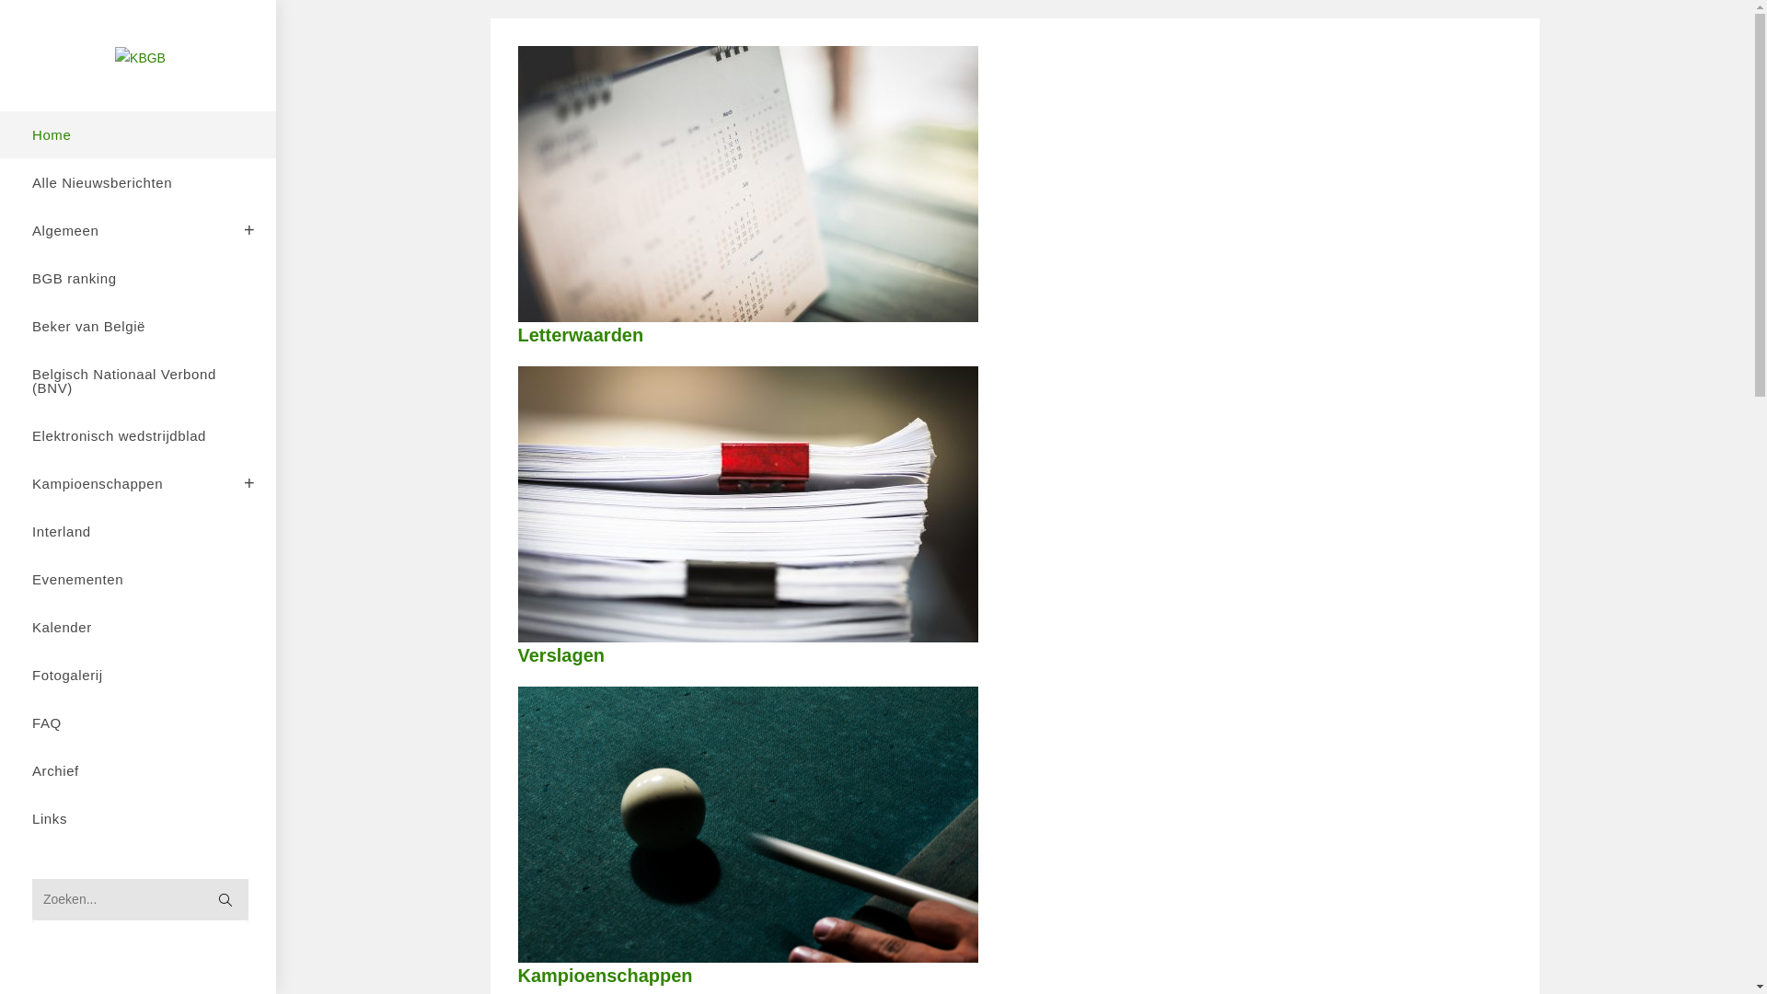  I want to click on 'Belgisch Nationaal Verbond (BNV)', so click(136, 379).